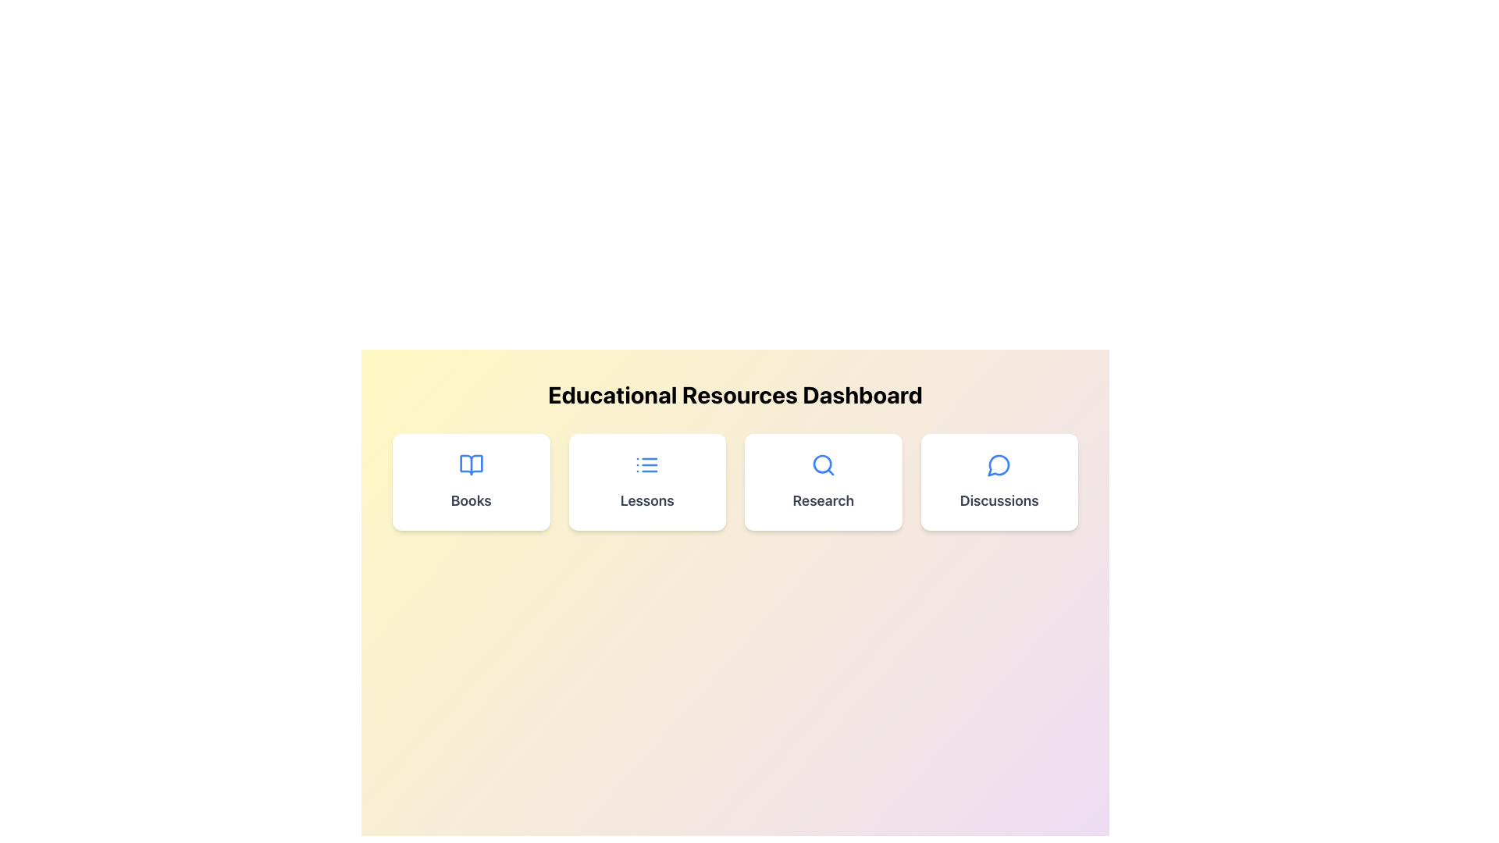  I want to click on text label 'Research' which is styled in a large font size, bold weight, and gray color, located at the bottom of the third card in a horizontal layout, so click(822, 500).